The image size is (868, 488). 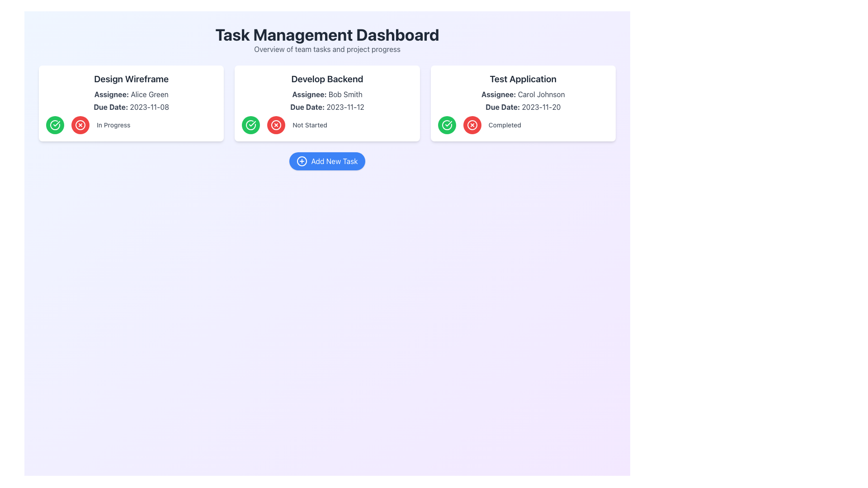 I want to click on the 'Add New Task' button located at the center of the dashboard layout, directly below the three task cards, so click(x=327, y=161).